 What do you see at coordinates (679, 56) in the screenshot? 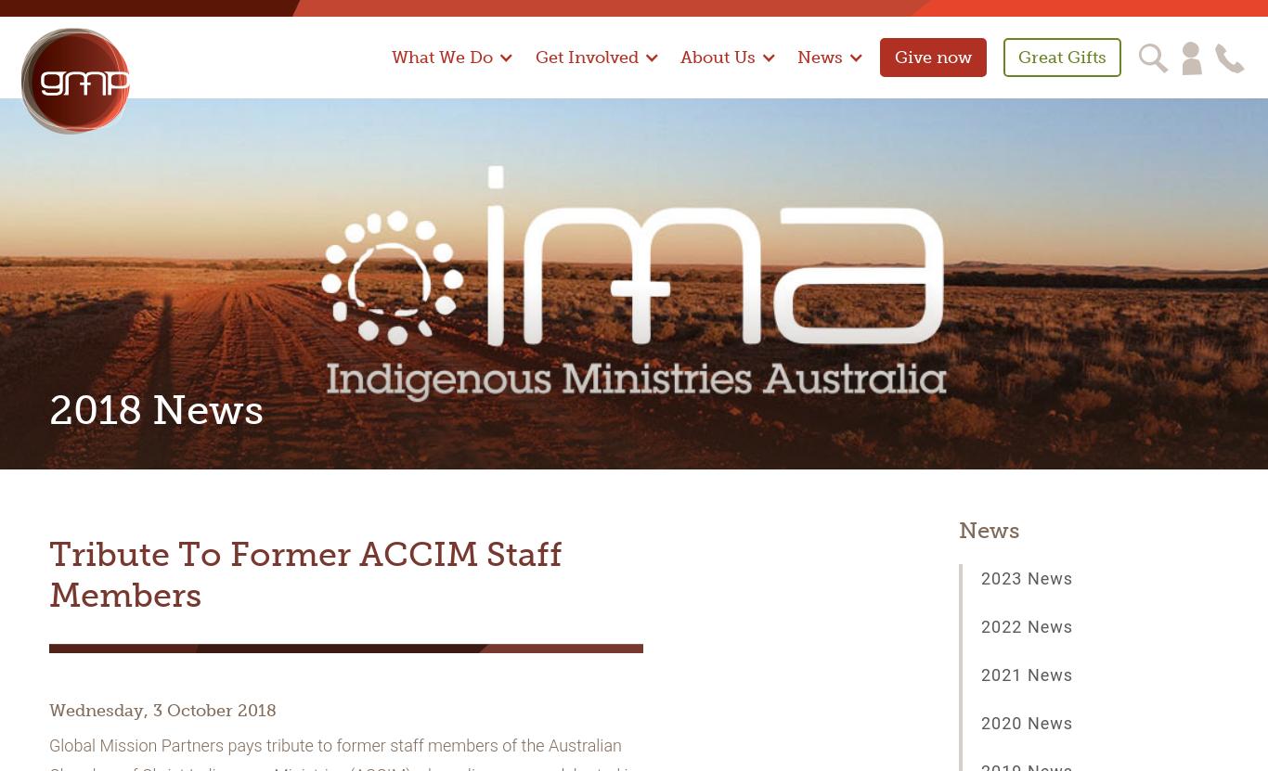
I see `'About Us'` at bounding box center [679, 56].